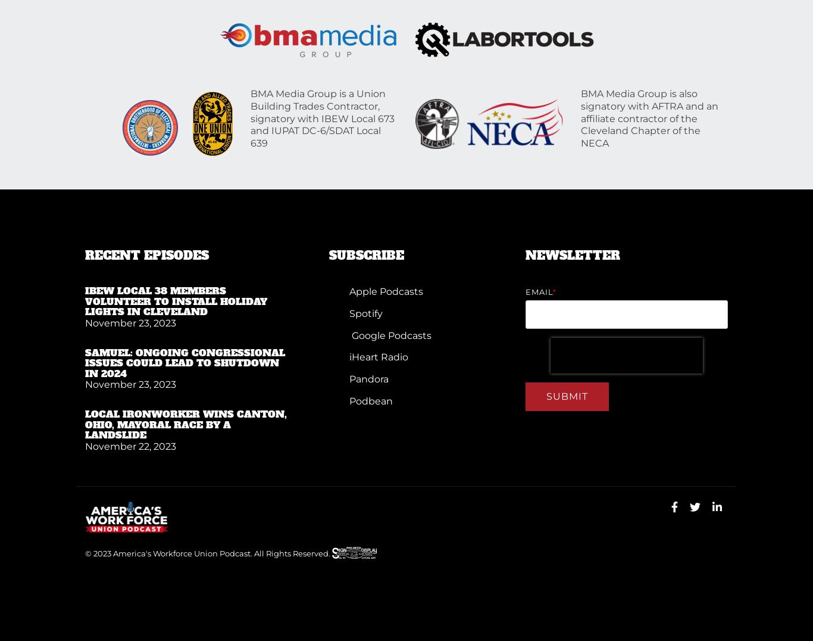 Image resolution: width=813 pixels, height=641 pixels. I want to click on 'Podbean', so click(370, 400).